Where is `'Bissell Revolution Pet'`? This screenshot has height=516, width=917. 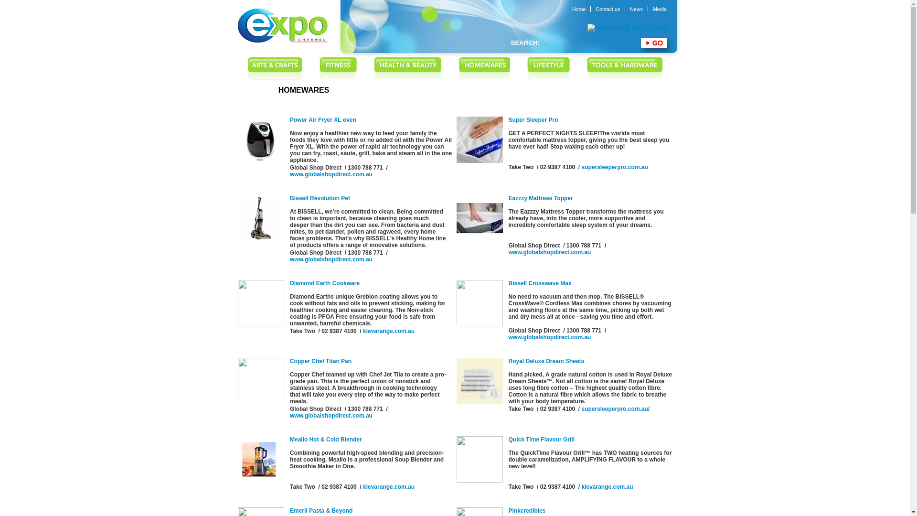 'Bissell Revolution Pet' is located at coordinates (320, 198).